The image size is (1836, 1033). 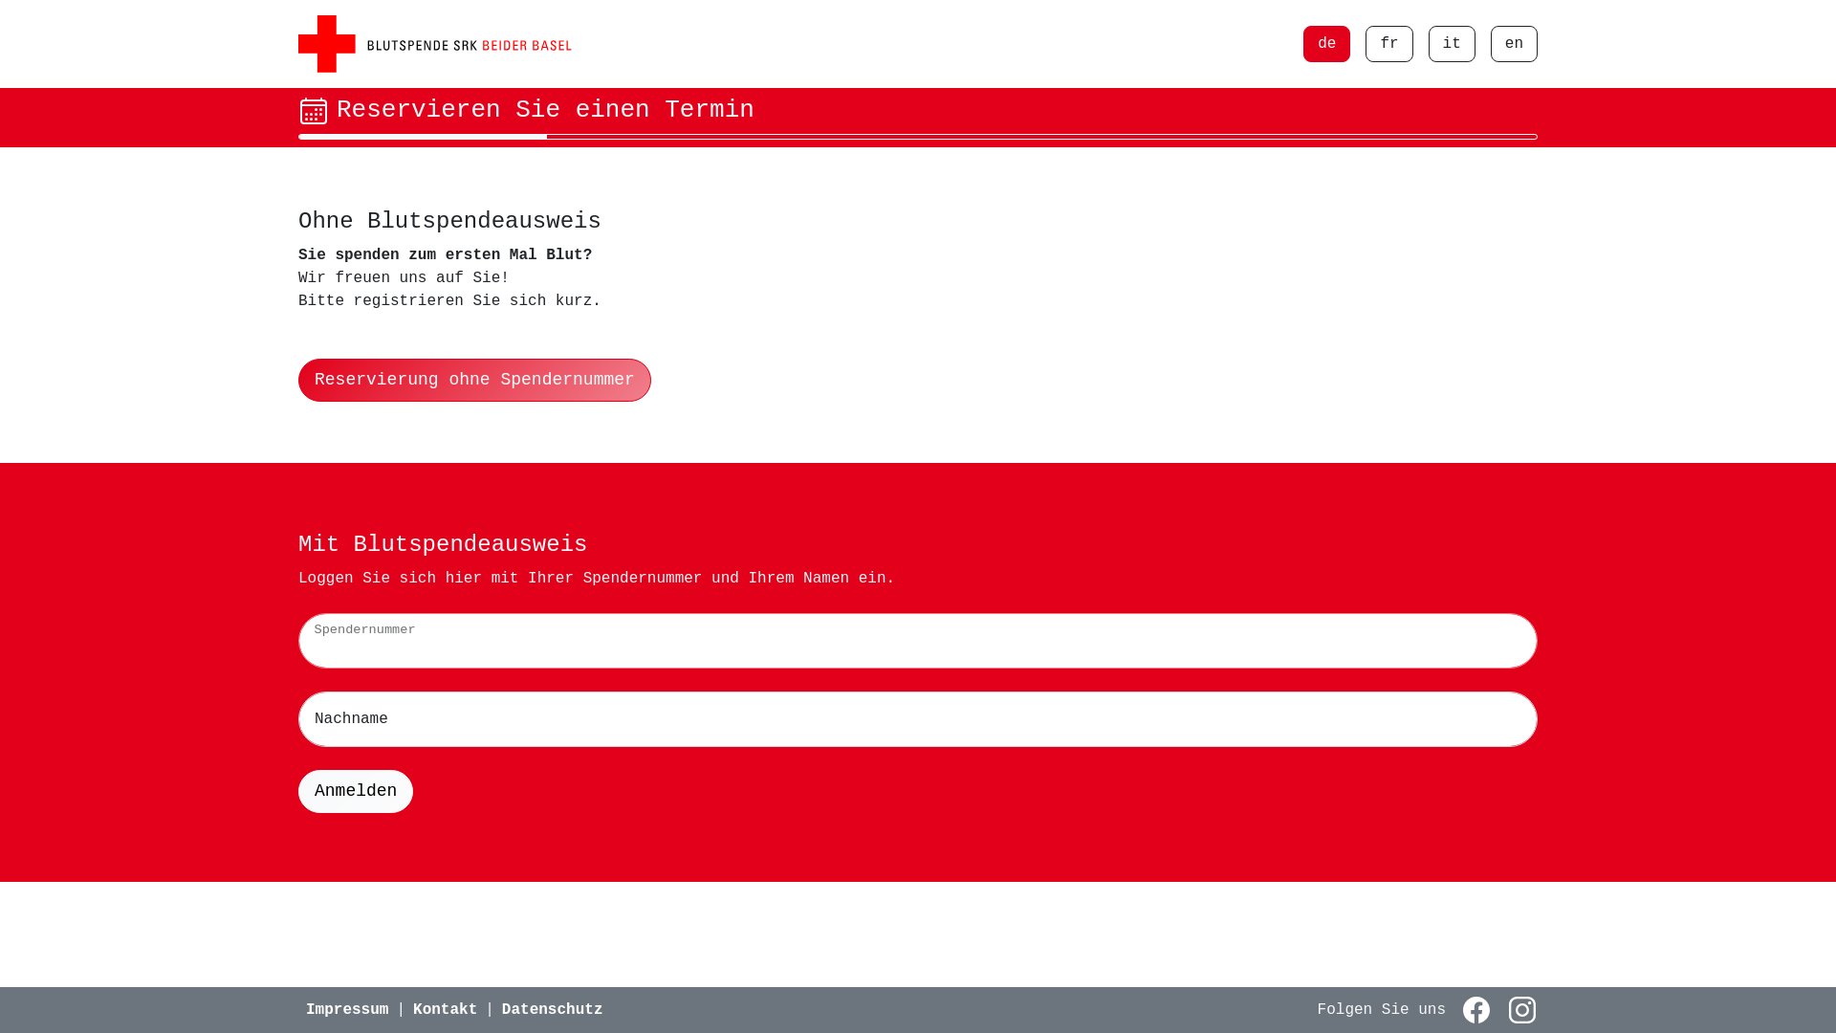 What do you see at coordinates (551, 1009) in the screenshot?
I see `'Datenschutz'` at bounding box center [551, 1009].